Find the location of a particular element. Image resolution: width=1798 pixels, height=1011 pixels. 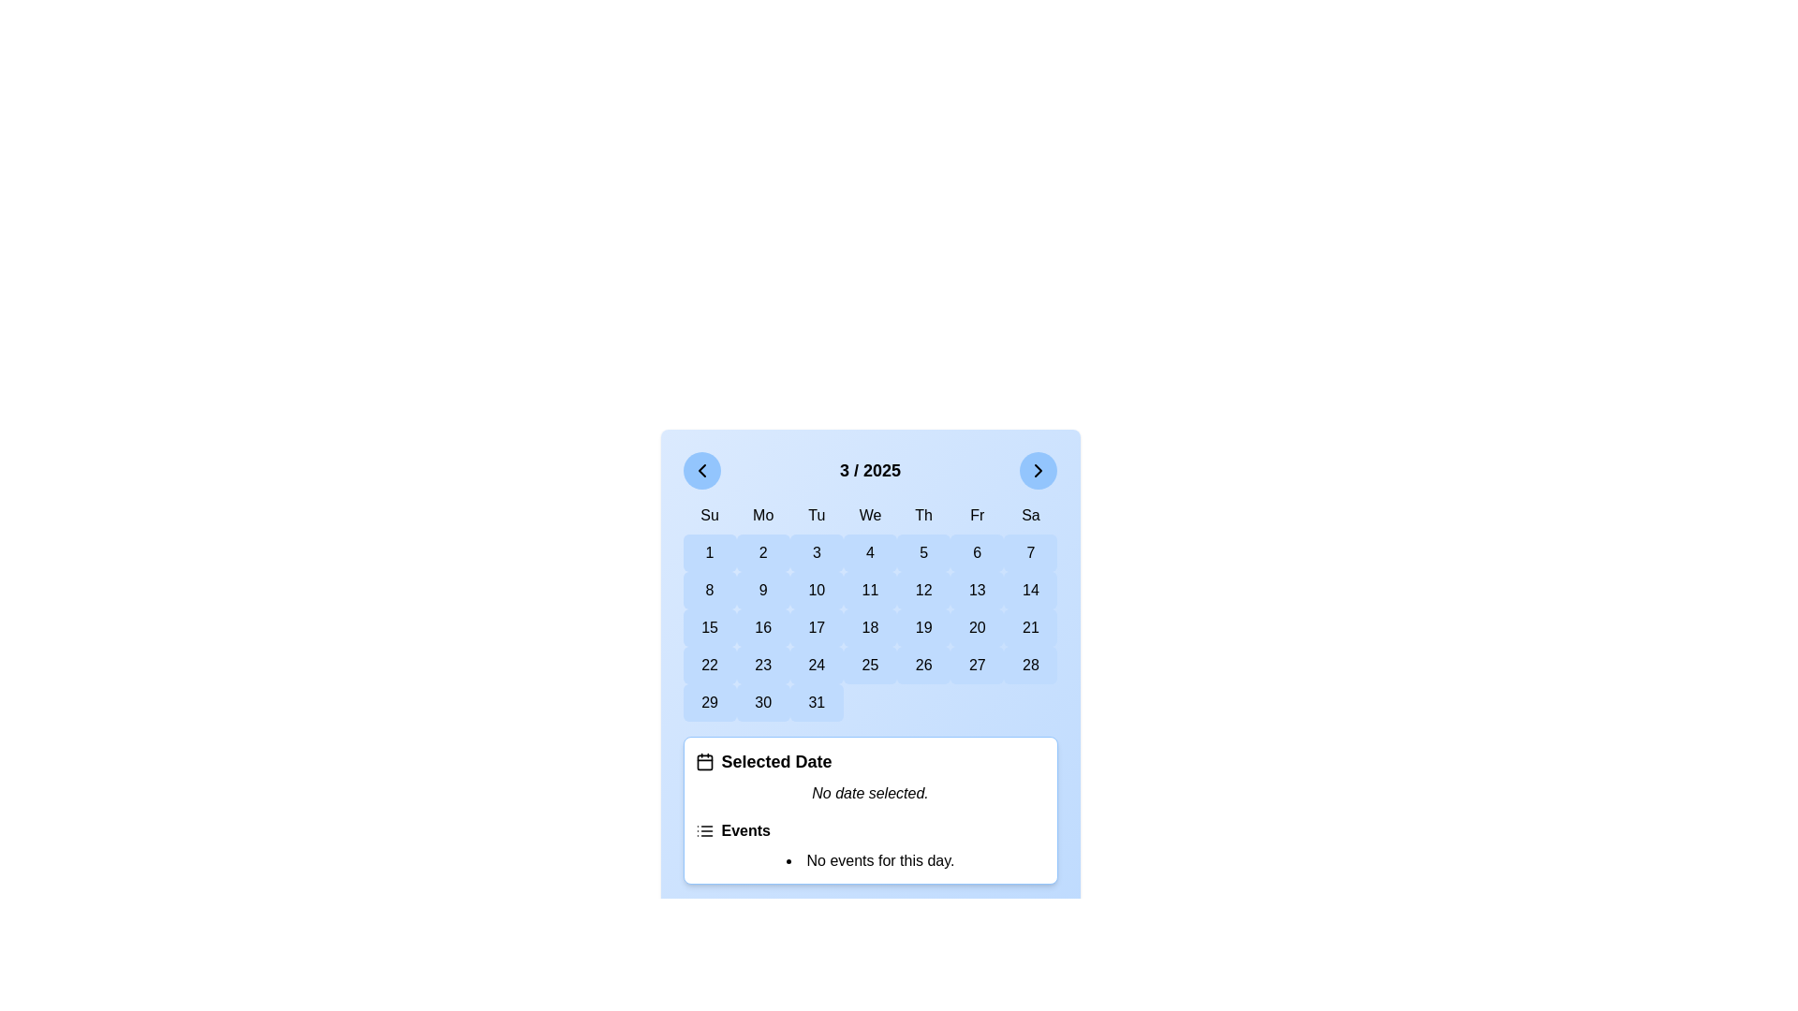

the date '1' button in the calendar interface is located at coordinates (709, 551).